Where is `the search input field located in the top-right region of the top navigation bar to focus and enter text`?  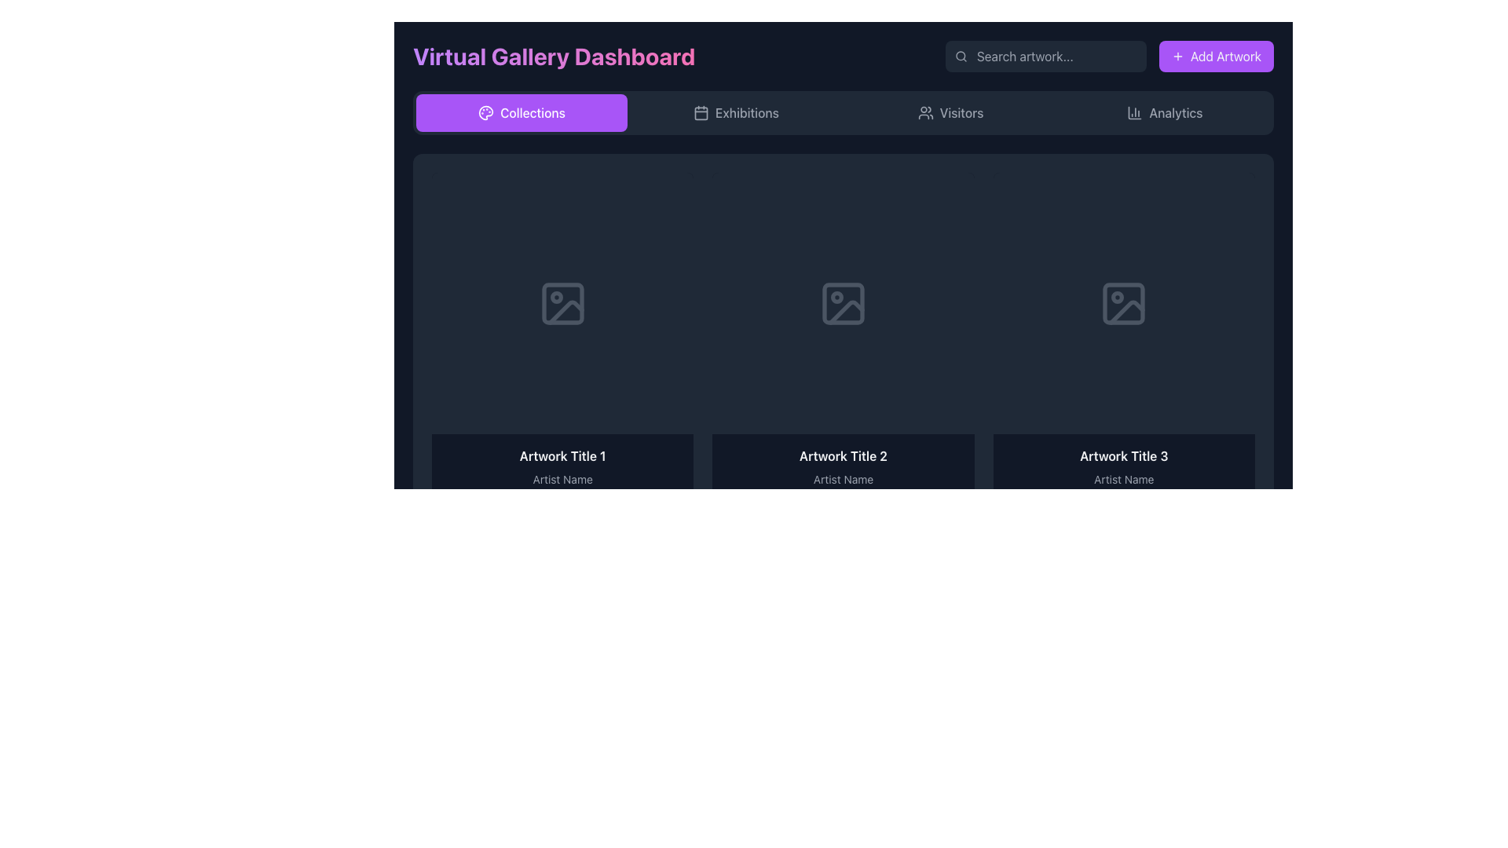
the search input field located in the top-right region of the top navigation bar to focus and enter text is located at coordinates (1045, 56).